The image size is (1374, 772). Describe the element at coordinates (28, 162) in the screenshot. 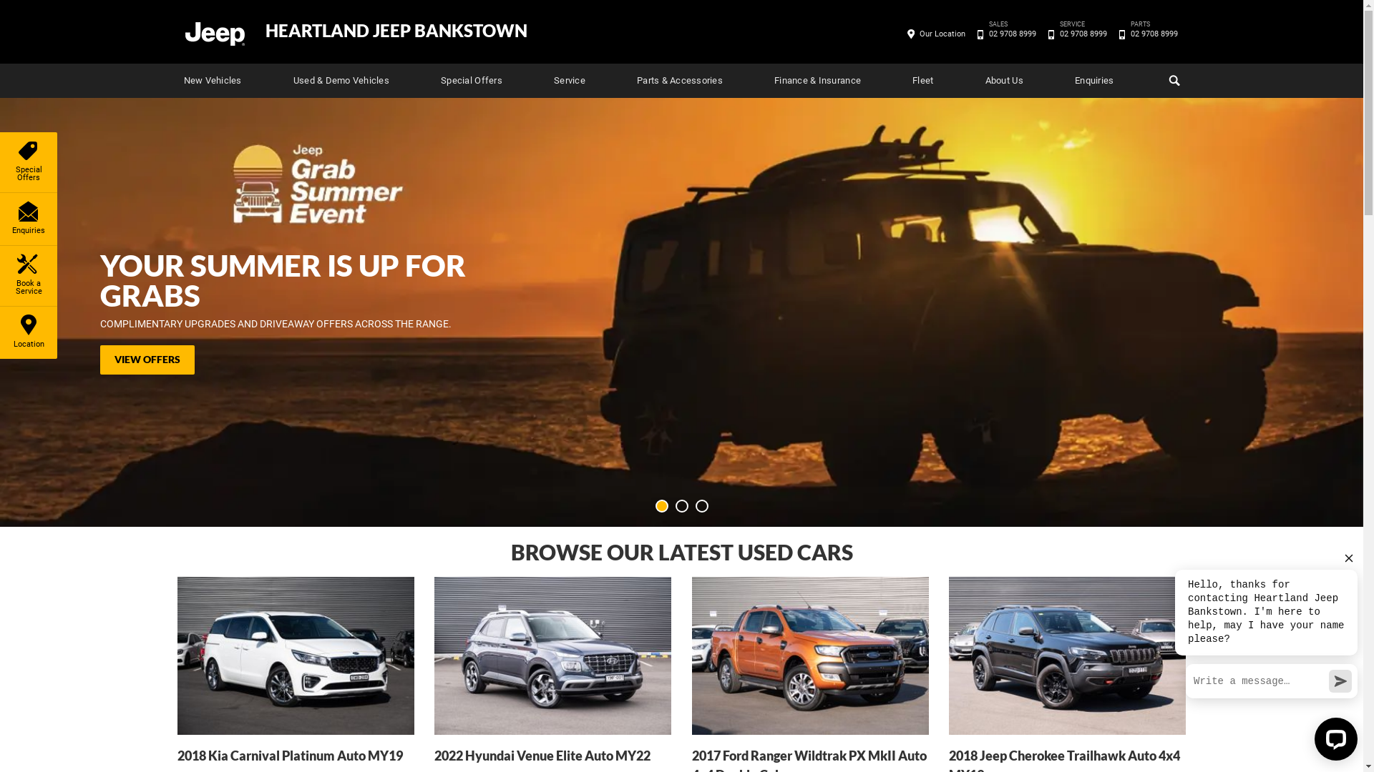

I see `'Special Offers'` at that location.